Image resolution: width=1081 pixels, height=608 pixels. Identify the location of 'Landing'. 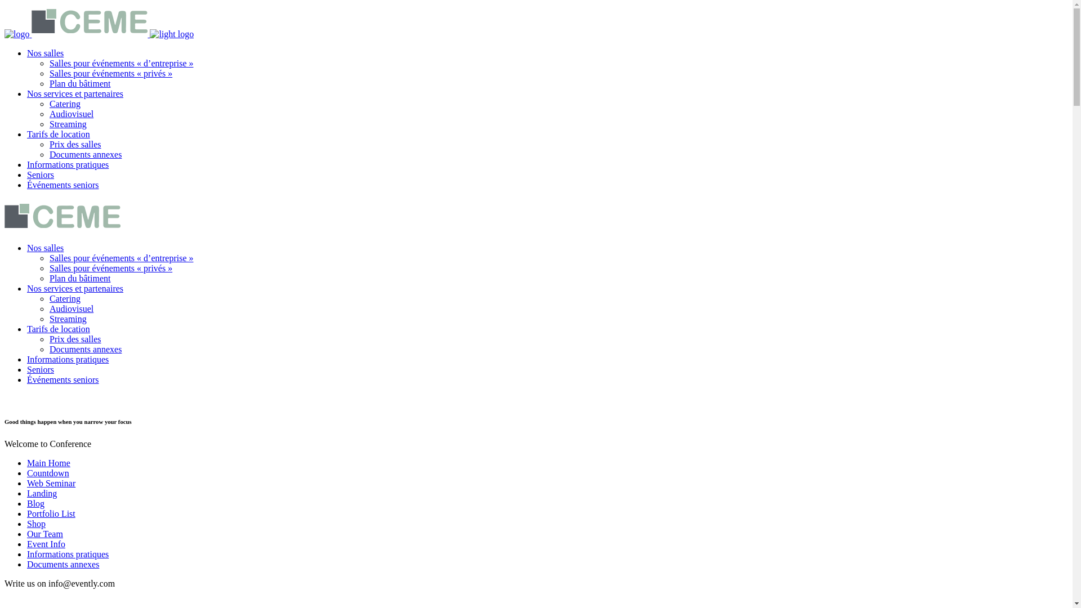
(42, 493).